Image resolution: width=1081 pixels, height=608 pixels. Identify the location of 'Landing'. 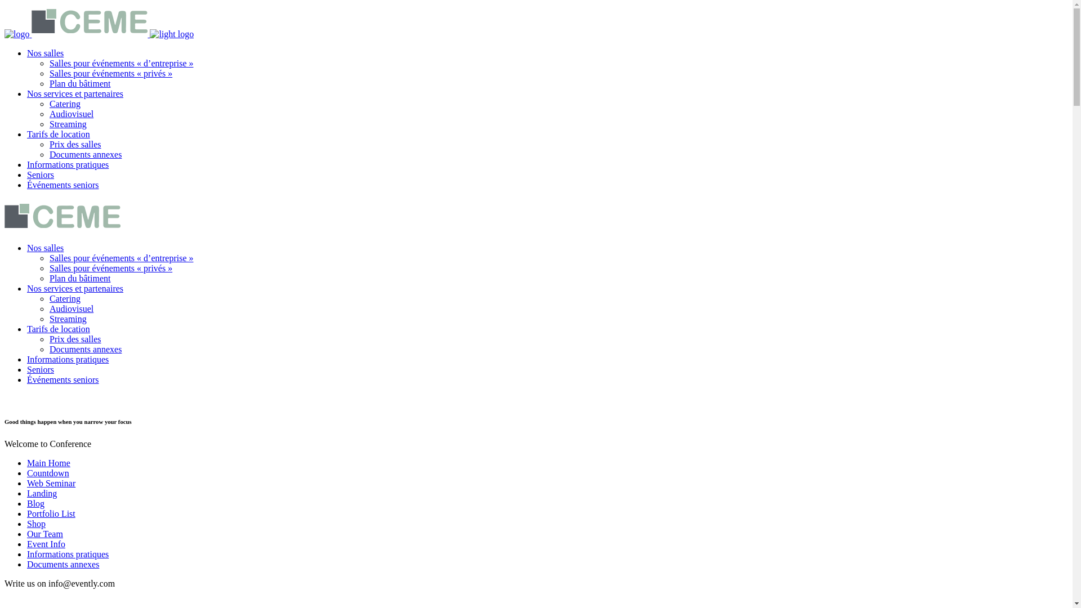
(42, 493).